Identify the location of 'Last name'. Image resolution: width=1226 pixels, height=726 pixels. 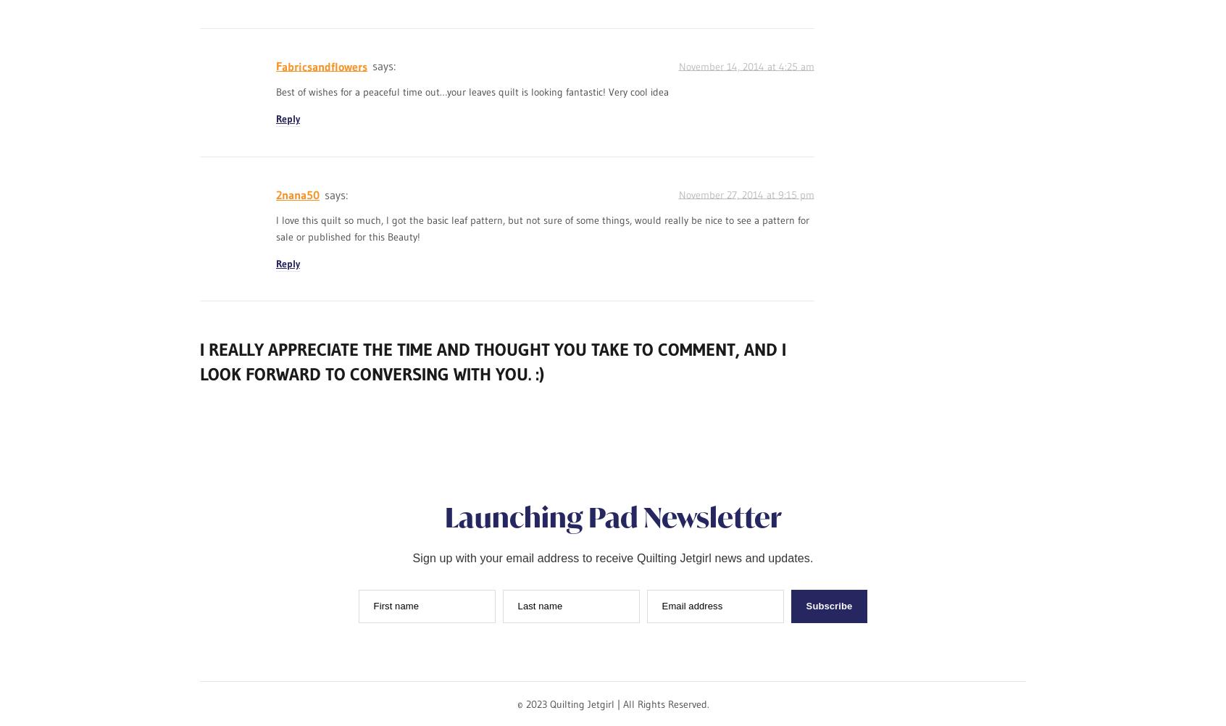
(538, 605).